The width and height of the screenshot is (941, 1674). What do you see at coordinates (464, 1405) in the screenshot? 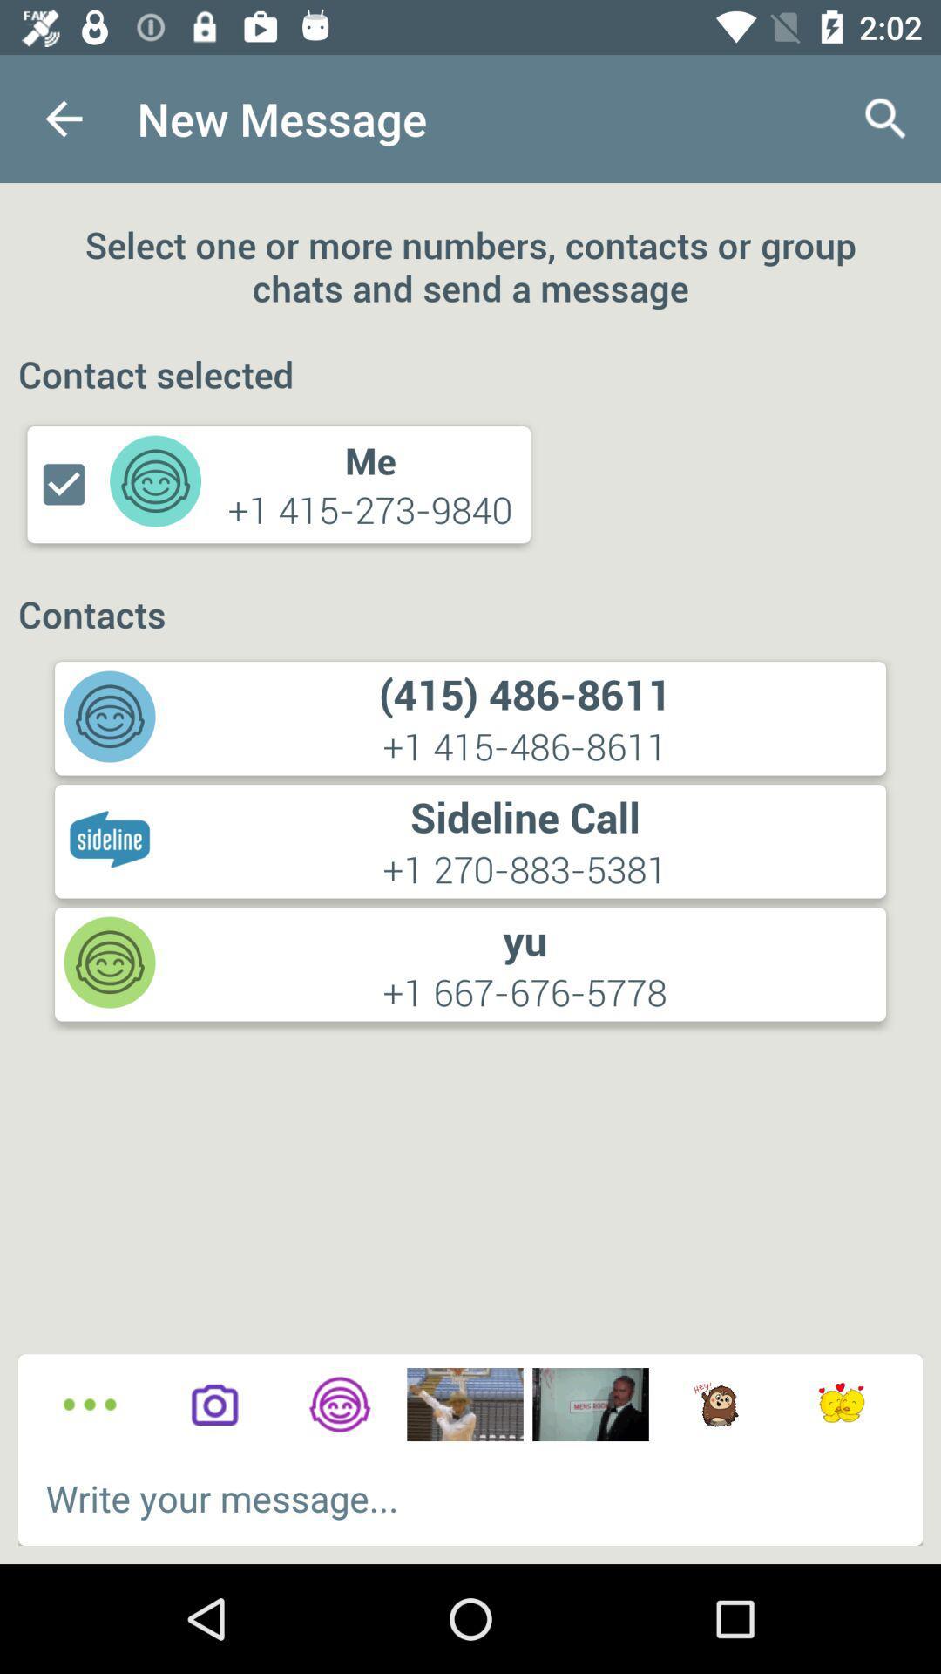
I see `meme` at bounding box center [464, 1405].